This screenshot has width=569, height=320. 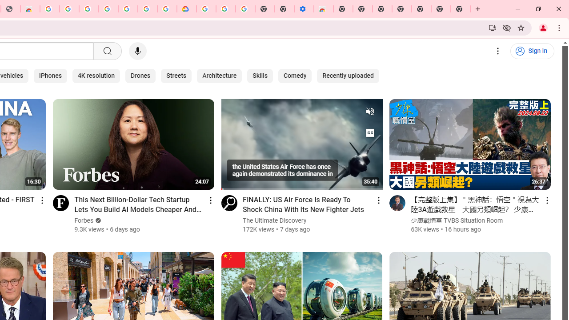 I want to click on 'Action menu', so click(x=546, y=200).